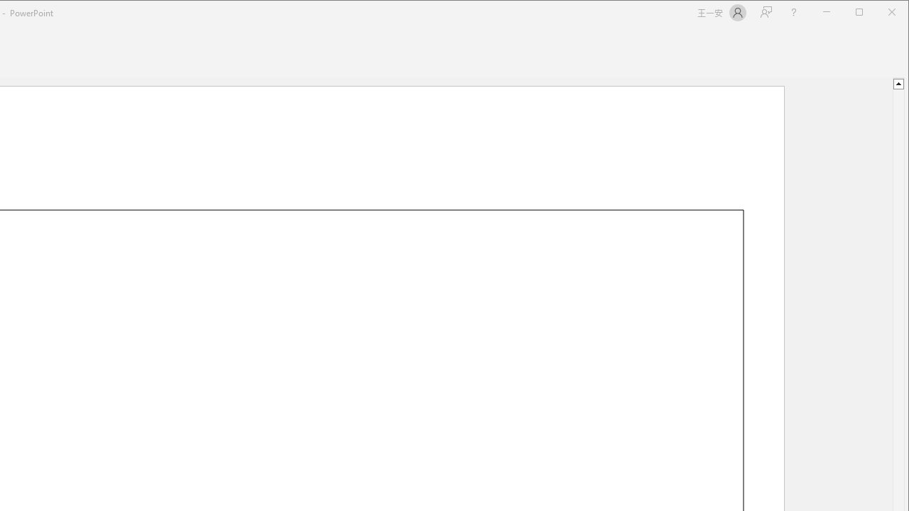  Describe the element at coordinates (879, 13) in the screenshot. I see `'Maximize'` at that location.